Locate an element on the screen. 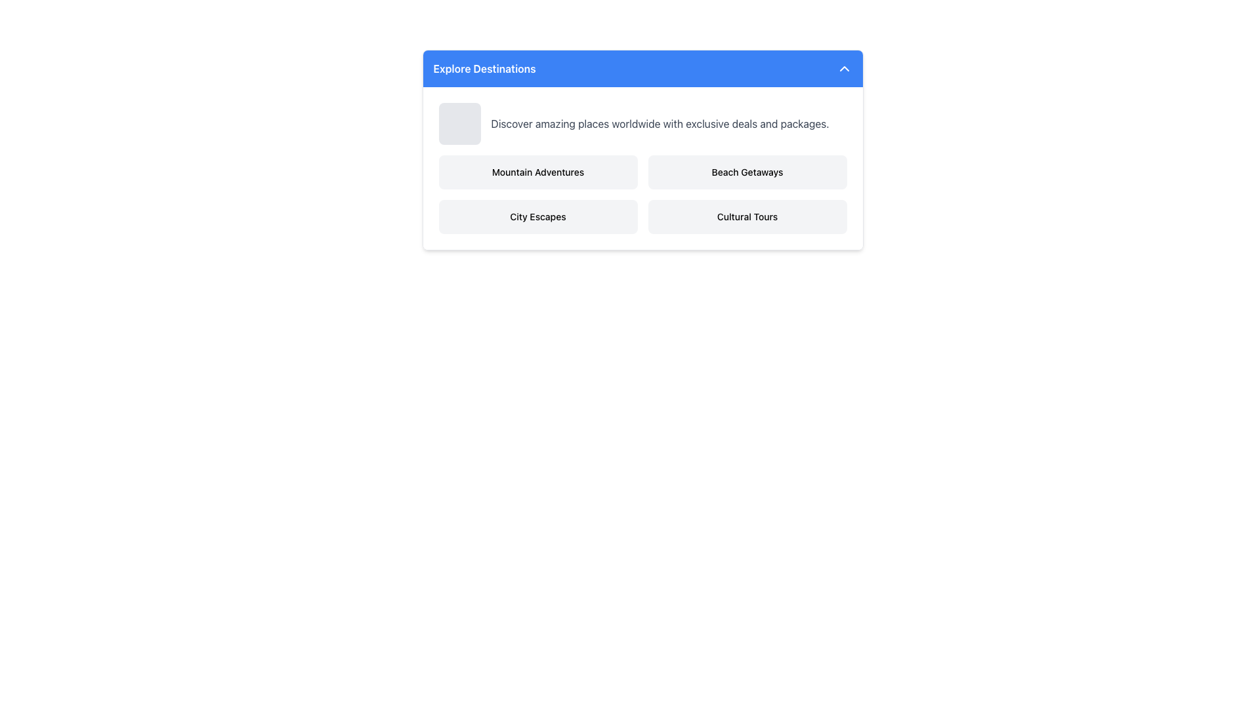 This screenshot has width=1260, height=708. the collapsible toggle control for the 'Explore Destinations' section located in the header bar on the far right, adjacent to the blue background is located at coordinates (844, 68).